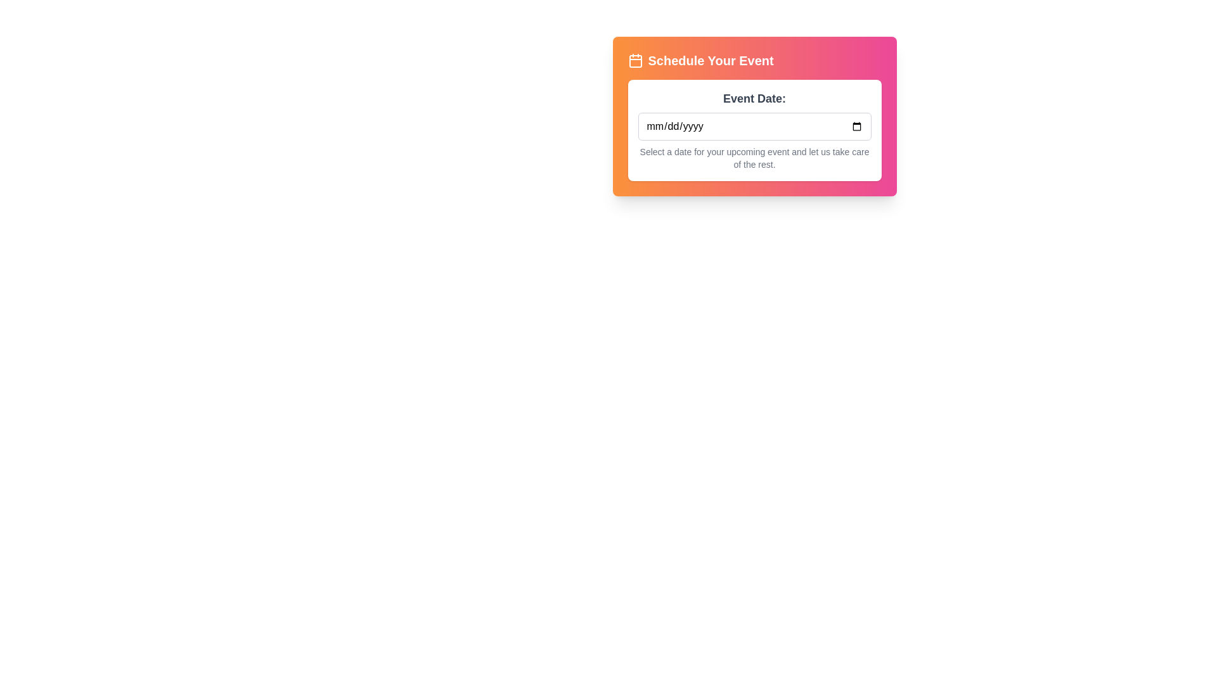  Describe the element at coordinates (754, 158) in the screenshot. I see `the Text Label, which is a small, light gray informational string located at the bottom of a card interface, directly beneath the date input field` at that location.